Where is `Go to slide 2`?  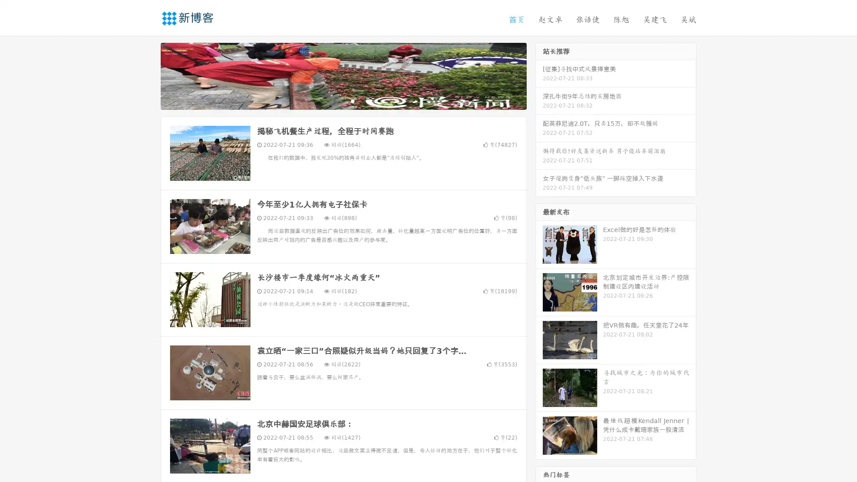 Go to slide 2 is located at coordinates (343, 100).